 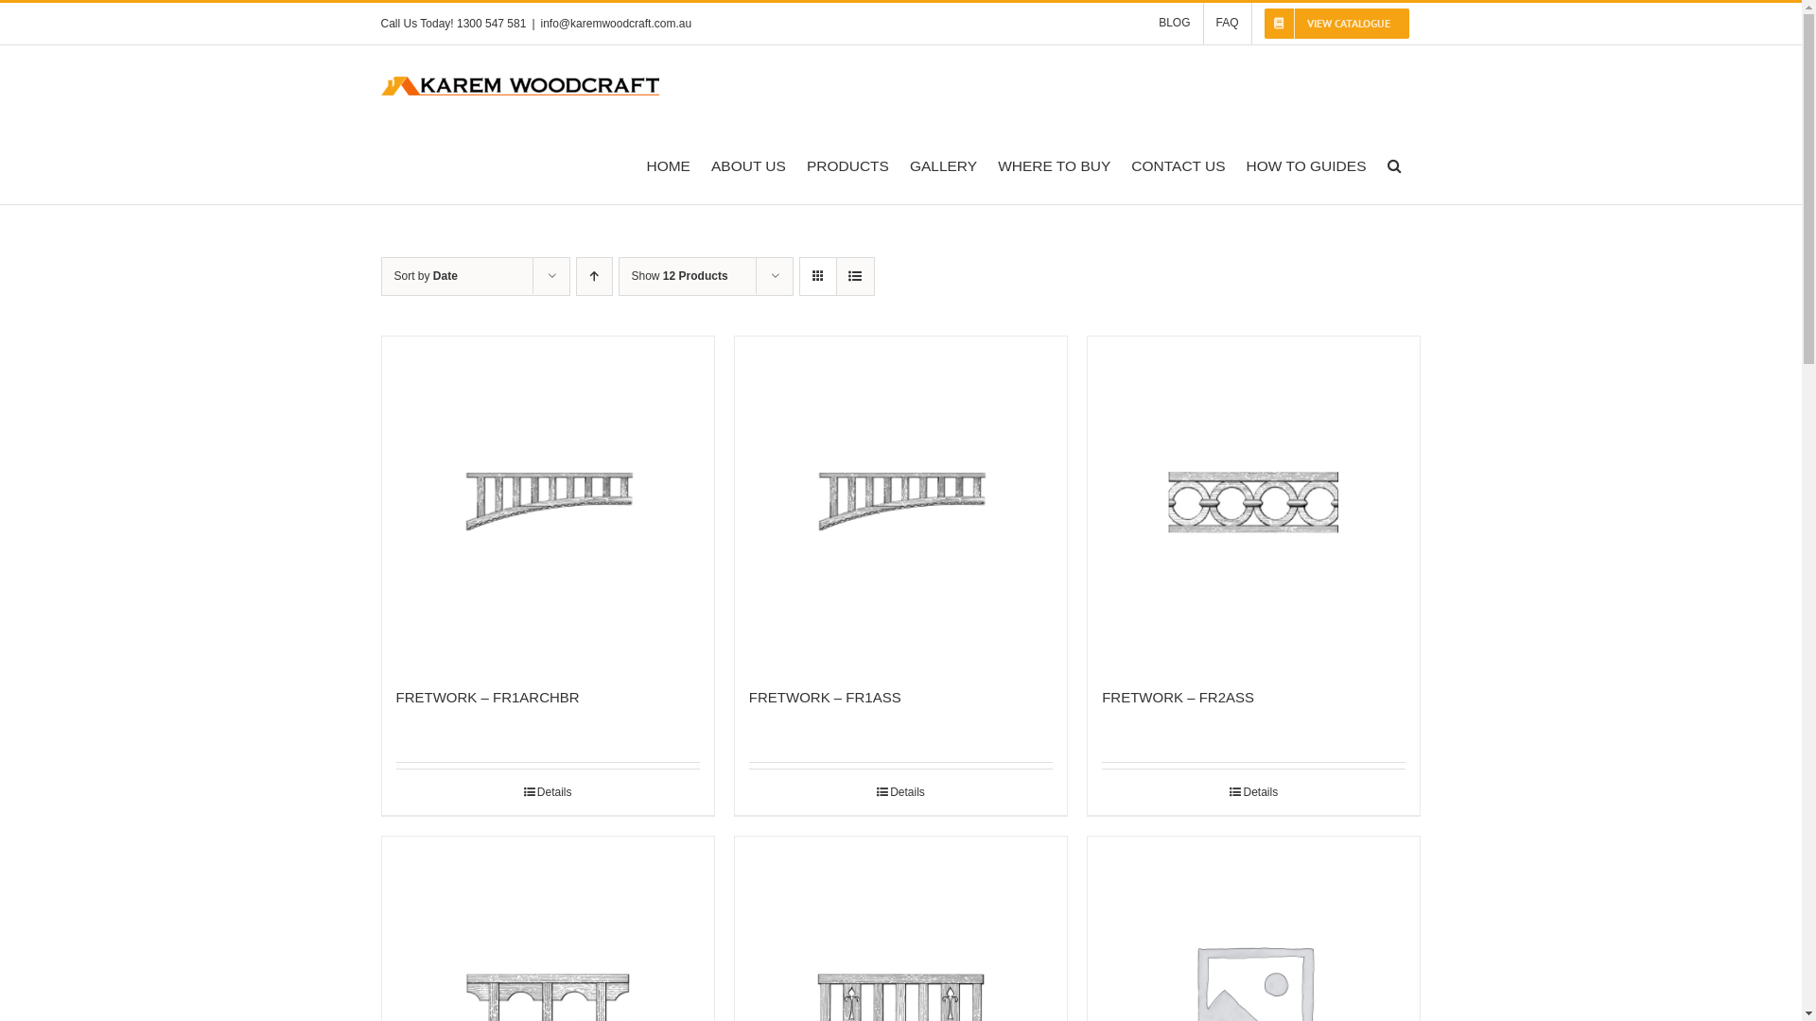 What do you see at coordinates (1336, 23) in the screenshot?
I see `'VIEW CATALOGUE'` at bounding box center [1336, 23].